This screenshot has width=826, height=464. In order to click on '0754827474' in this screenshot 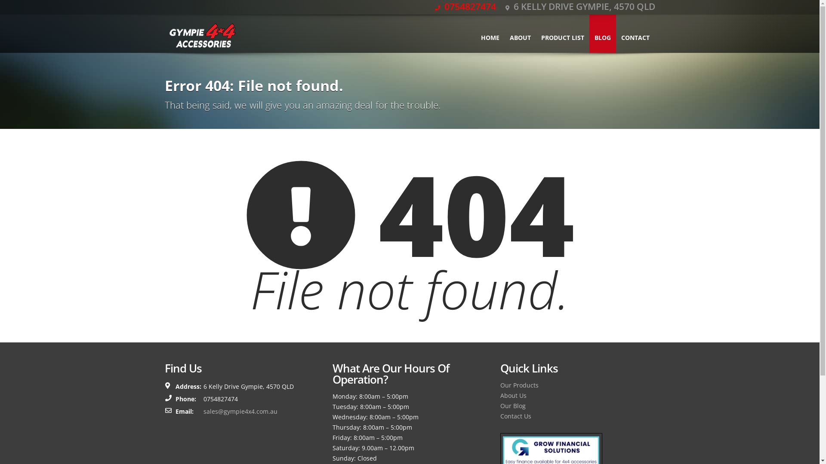, I will do `click(434, 6)`.